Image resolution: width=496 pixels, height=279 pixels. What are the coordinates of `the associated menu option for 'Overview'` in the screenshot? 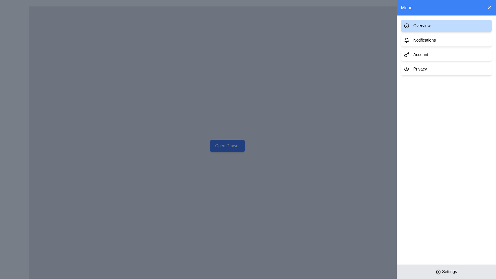 It's located at (406, 26).